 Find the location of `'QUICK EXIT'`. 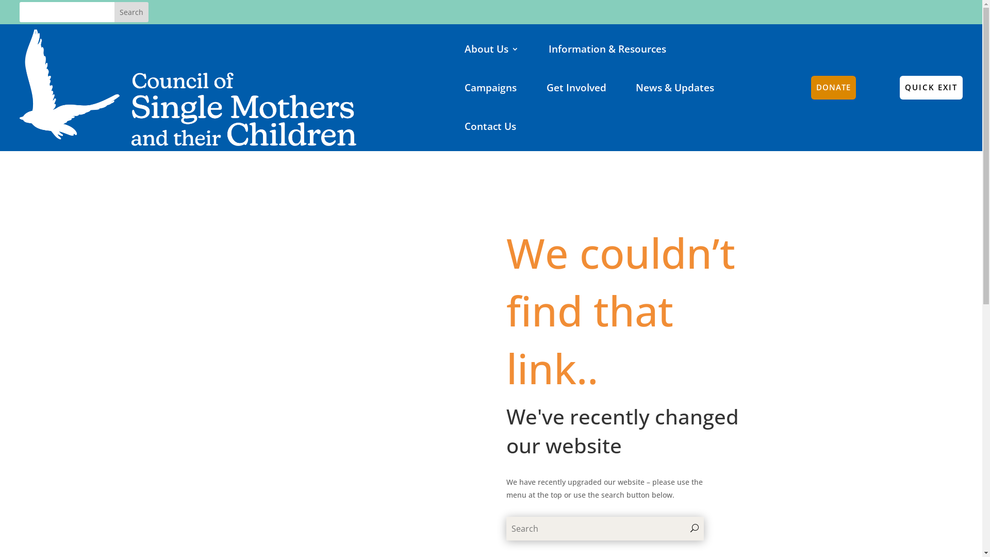

'QUICK EXIT' is located at coordinates (899, 87).